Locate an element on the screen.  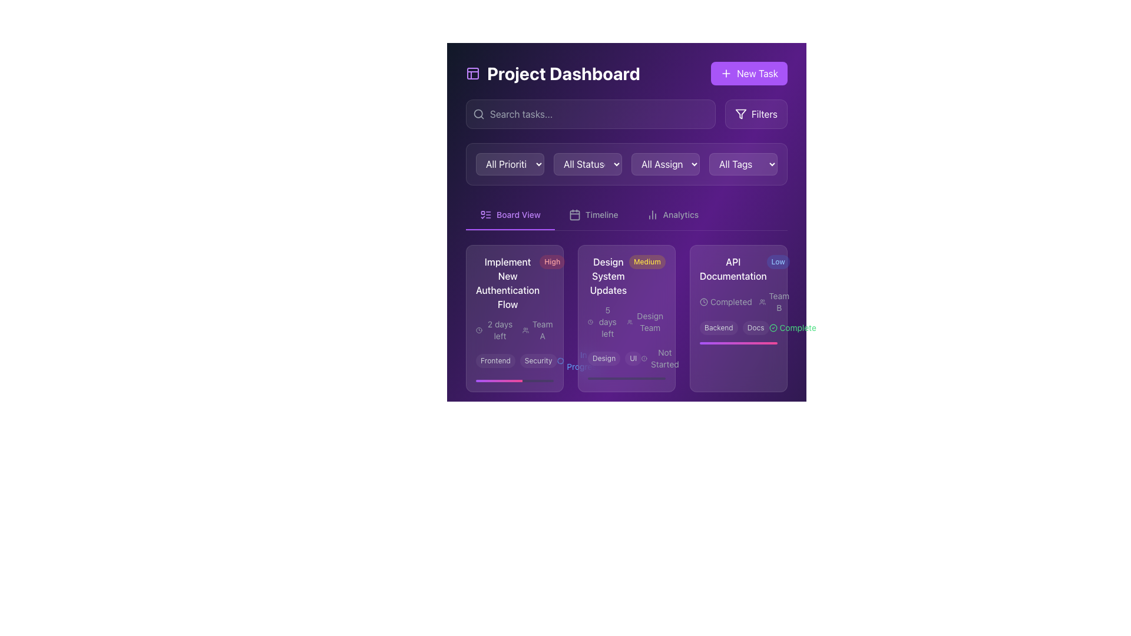
the 'In Progress' label with a spinning circular icon, indicating the status of the task in the 'Implement New Authentication Flow' card under the 'FrontendSecurity' section is located at coordinates (579, 360).